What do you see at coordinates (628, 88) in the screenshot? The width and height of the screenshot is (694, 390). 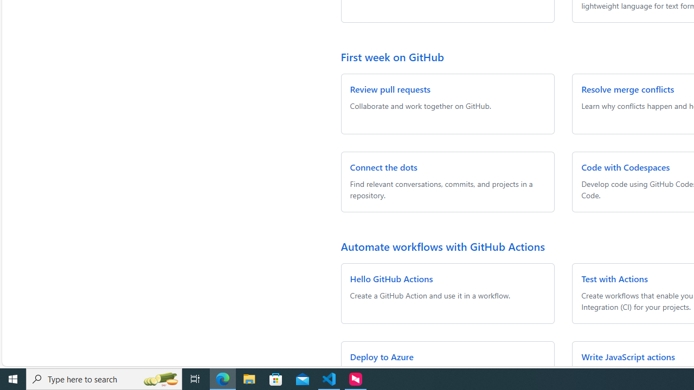 I see `'Resolve merge conflicts'` at bounding box center [628, 88].